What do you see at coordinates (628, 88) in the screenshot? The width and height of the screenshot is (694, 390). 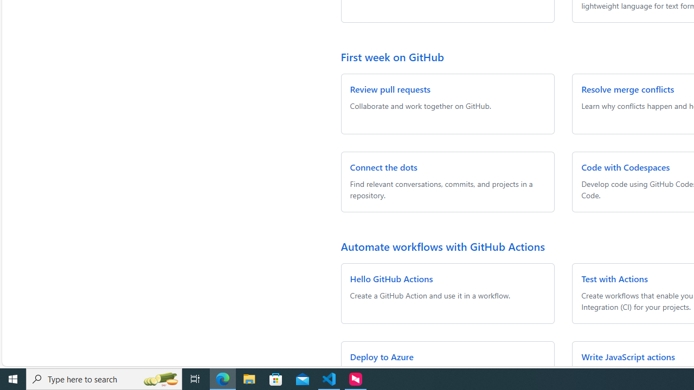 I see `'Resolve merge conflicts'` at bounding box center [628, 88].